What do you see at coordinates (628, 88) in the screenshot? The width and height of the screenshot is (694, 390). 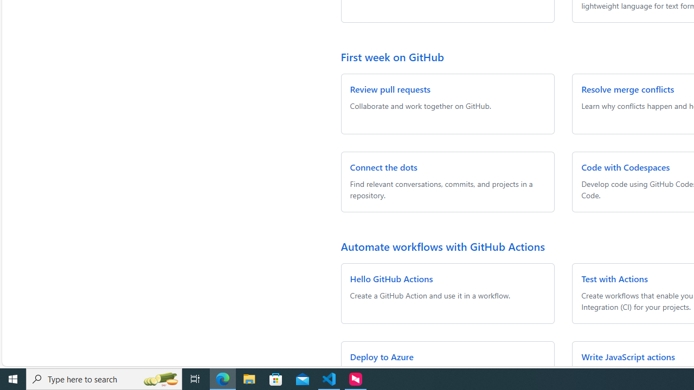 I see `'Resolve merge conflicts'` at bounding box center [628, 88].